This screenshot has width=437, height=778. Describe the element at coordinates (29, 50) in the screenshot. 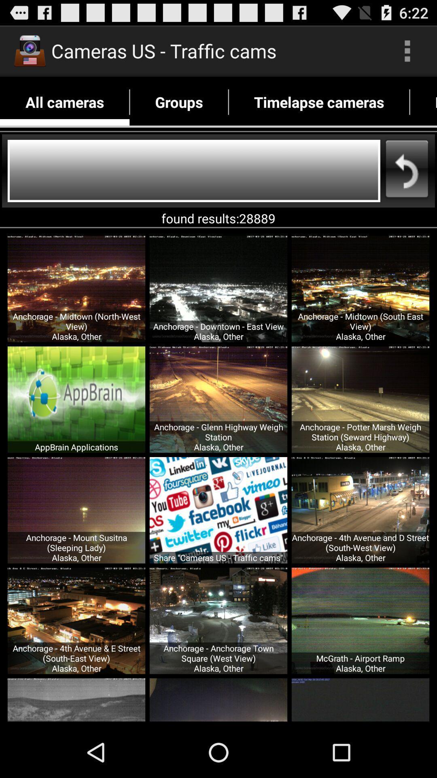

I see `the camera icon` at that location.